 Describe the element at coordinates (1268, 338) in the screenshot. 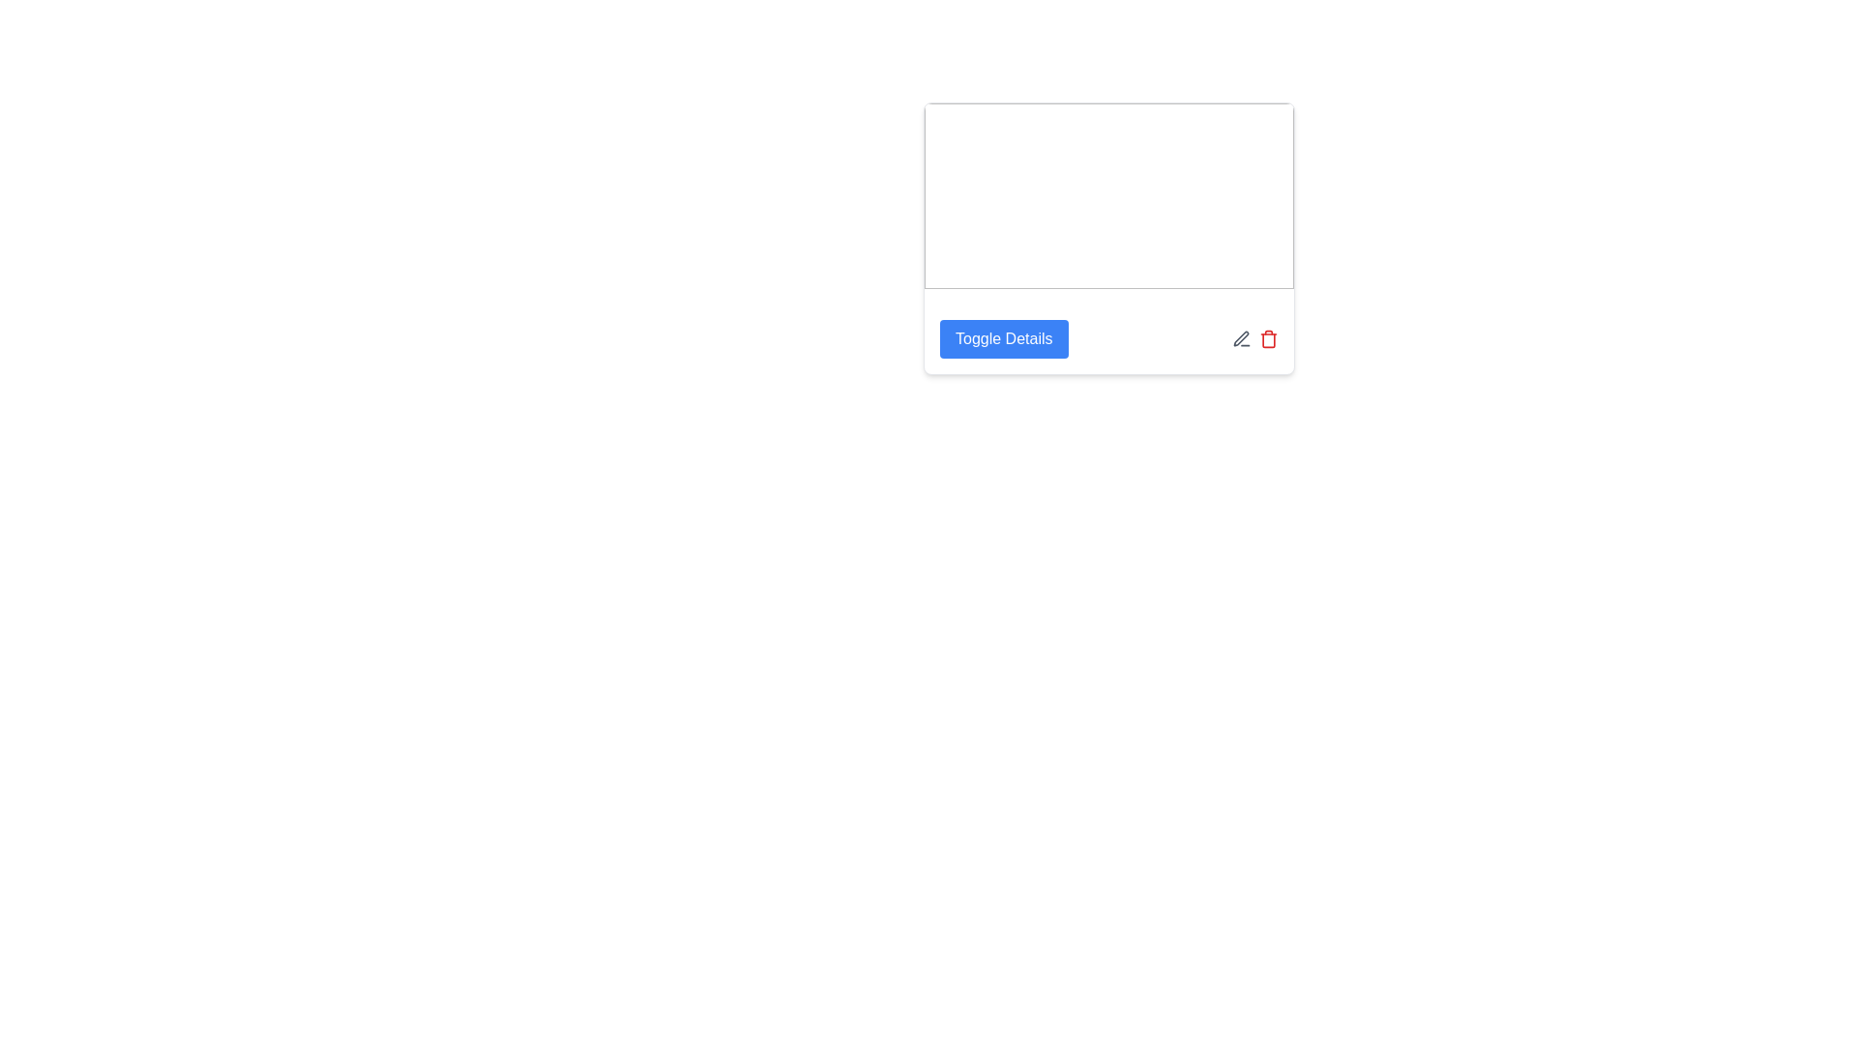

I see `the delete icon button located at the bottom-right corner of the main interface panel` at that location.